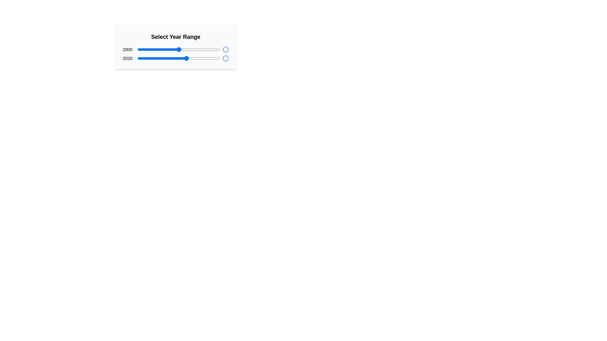 The height and width of the screenshot is (341, 607). I want to click on the range slider located in the 'Select Year Range' card, which is adjusted to the value '2000', so click(176, 49).